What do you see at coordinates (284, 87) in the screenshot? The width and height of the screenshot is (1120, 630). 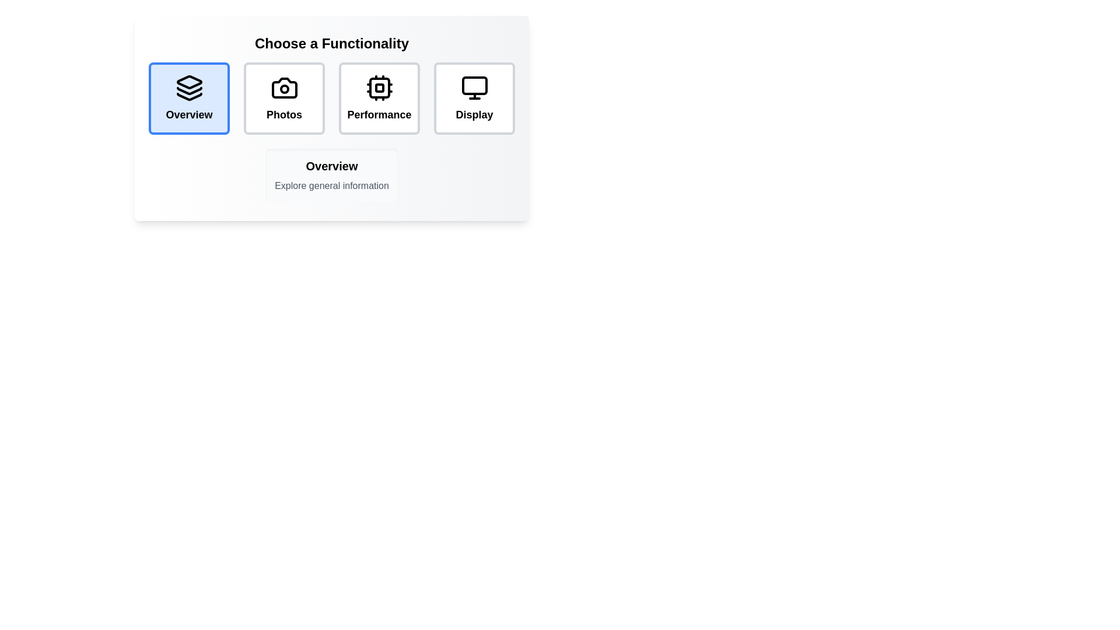 I see `the minimalist camera icon located in the upper section of the 'Photos' UI card, which is the second card from the left in a horizontal row of four cards` at bounding box center [284, 87].